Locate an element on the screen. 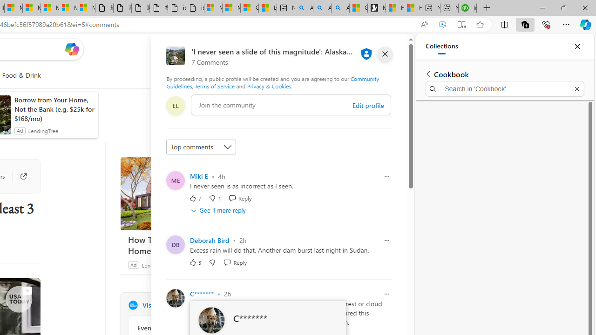  'Community Guidelines' is located at coordinates (272, 82).